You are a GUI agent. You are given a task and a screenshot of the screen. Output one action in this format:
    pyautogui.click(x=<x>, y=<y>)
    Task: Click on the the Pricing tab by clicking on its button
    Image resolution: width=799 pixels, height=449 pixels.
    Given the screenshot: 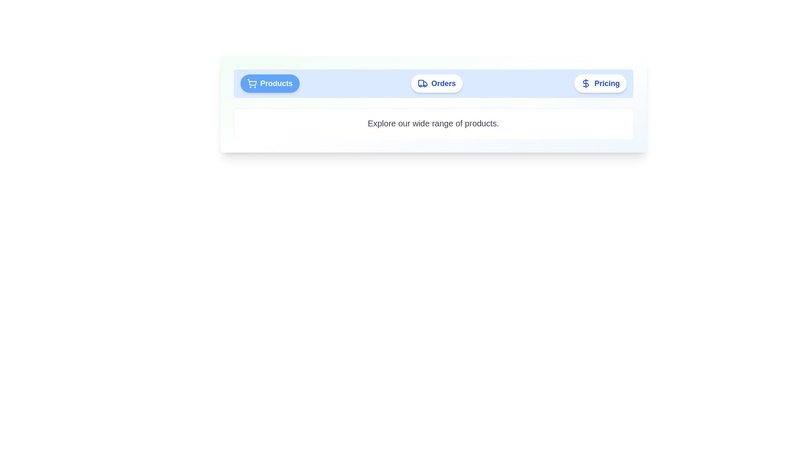 What is the action you would take?
    pyautogui.click(x=600, y=83)
    